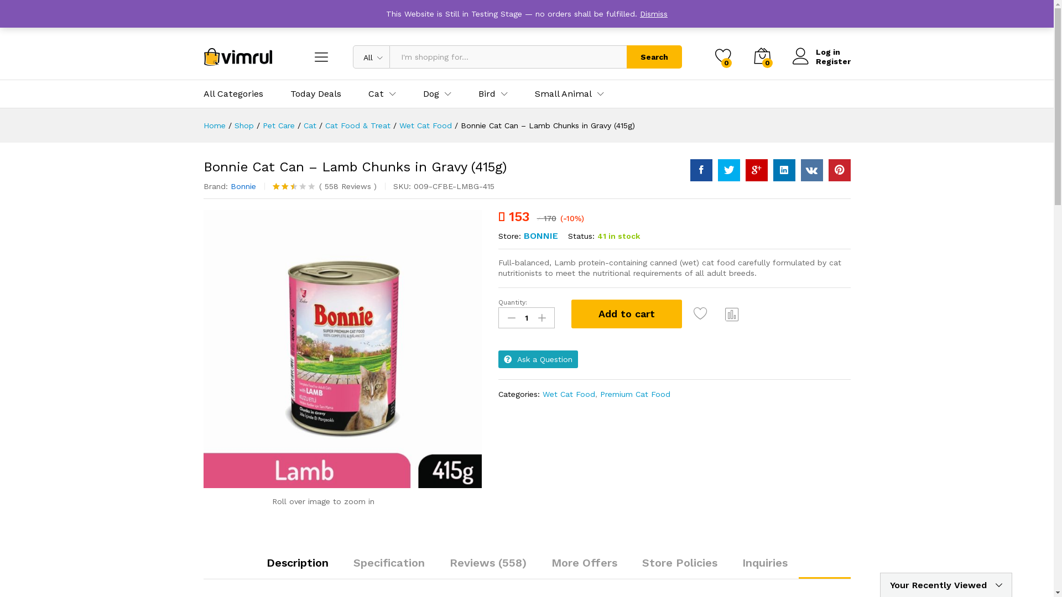 This screenshot has width=1062, height=597. What do you see at coordinates (278, 125) in the screenshot?
I see `'Pet Care'` at bounding box center [278, 125].